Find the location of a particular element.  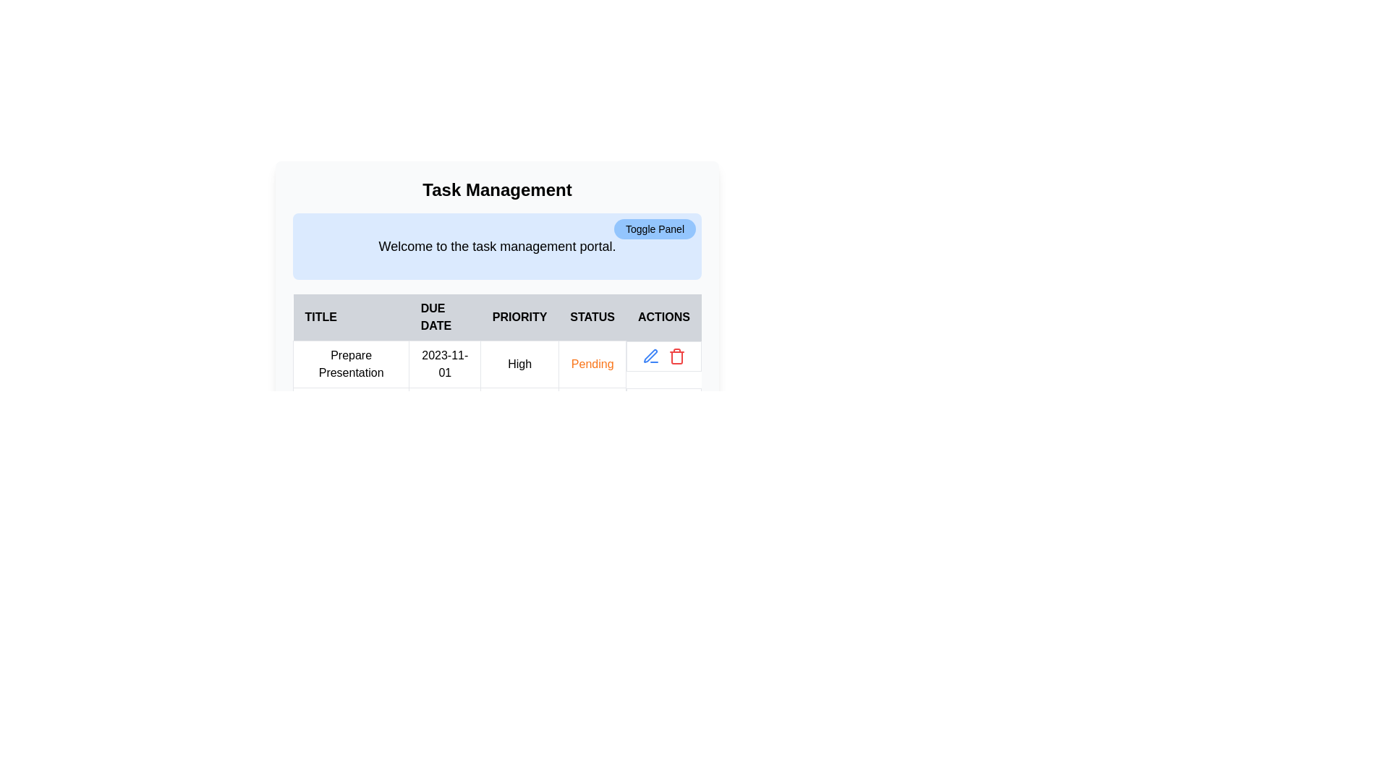

the first action button in the 'Actions' column of the table corresponding to the row labeled 'Prepare Presentation' is located at coordinates (650, 356).